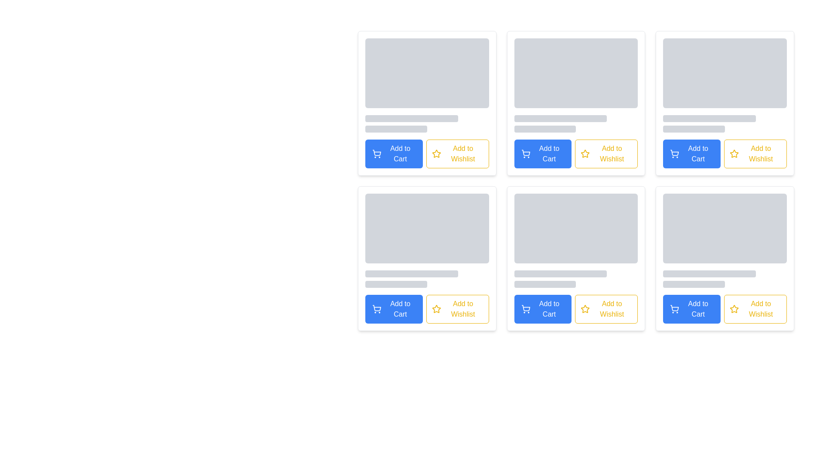  What do you see at coordinates (377, 154) in the screenshot?
I see `the add item to shopping cart icon inside the blue 'Add to Cart' button` at bounding box center [377, 154].